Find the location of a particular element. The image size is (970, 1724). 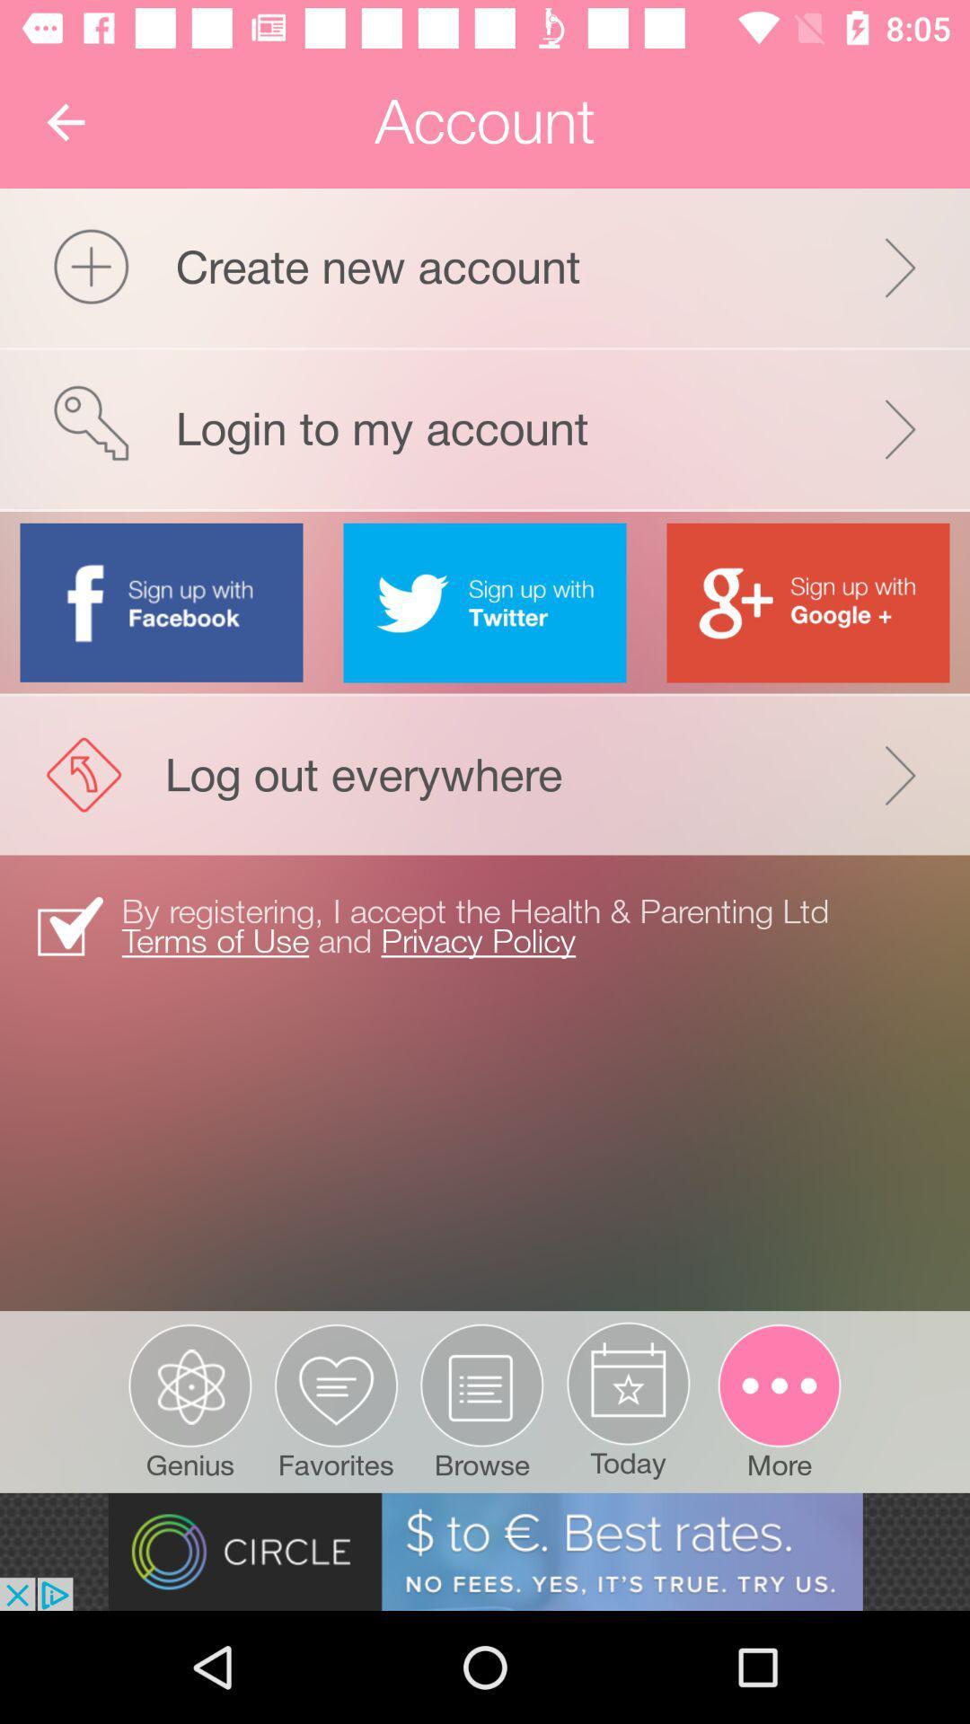

sign in with google plus is located at coordinates (807, 603).